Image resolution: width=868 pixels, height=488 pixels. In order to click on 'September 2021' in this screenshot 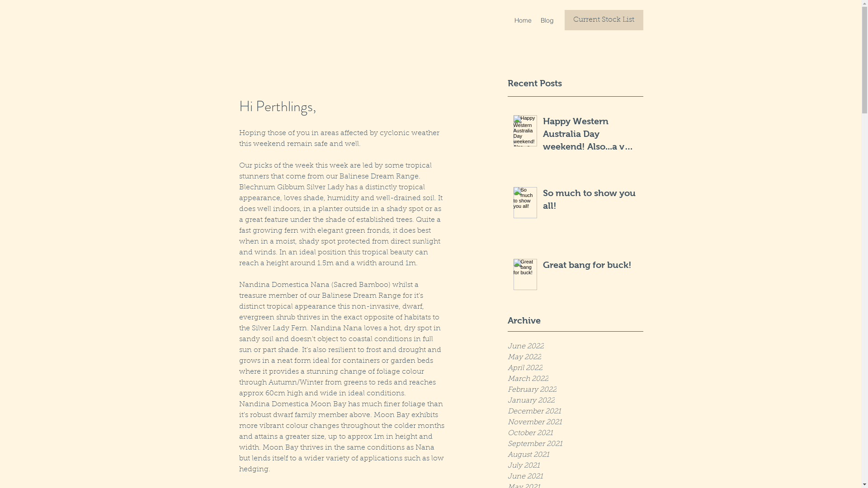, I will do `click(575, 444)`.